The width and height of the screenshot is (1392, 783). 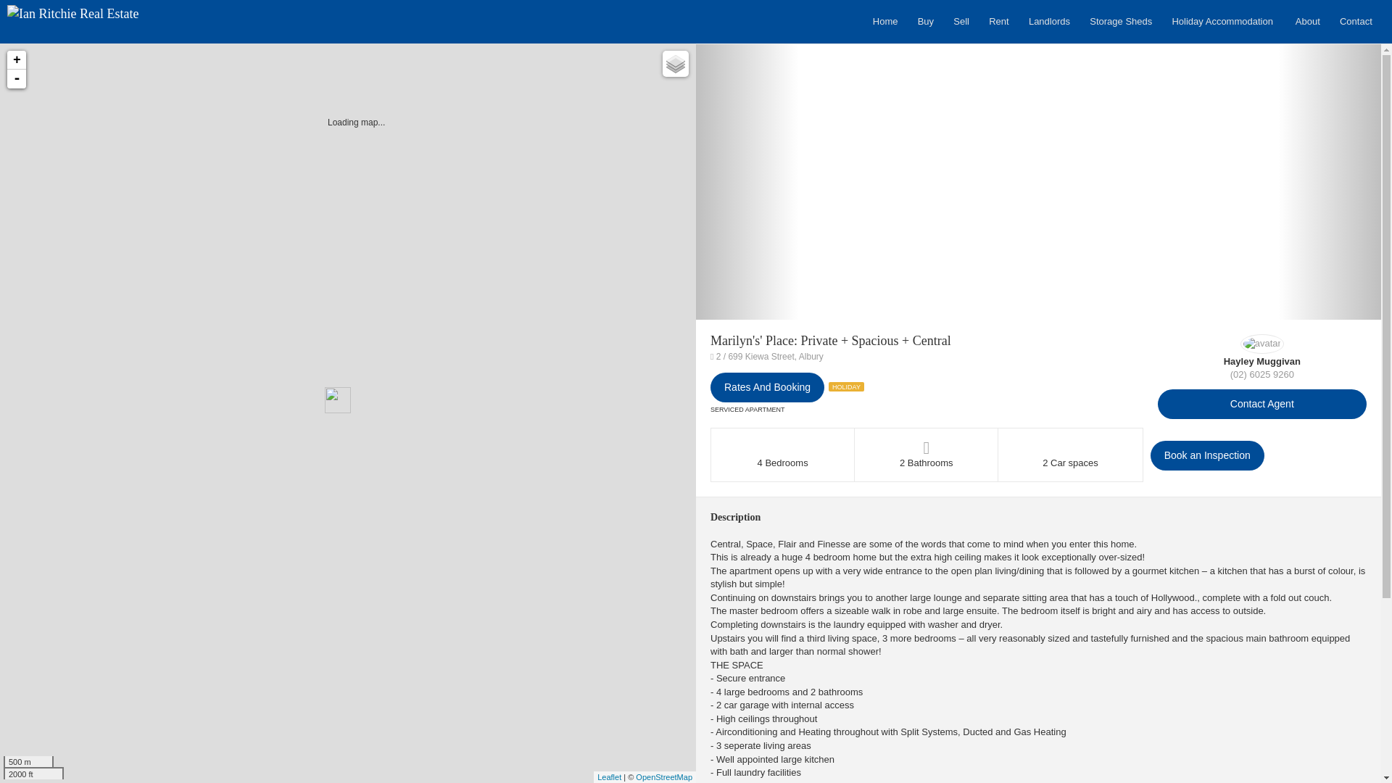 I want to click on '-', so click(x=17, y=78).